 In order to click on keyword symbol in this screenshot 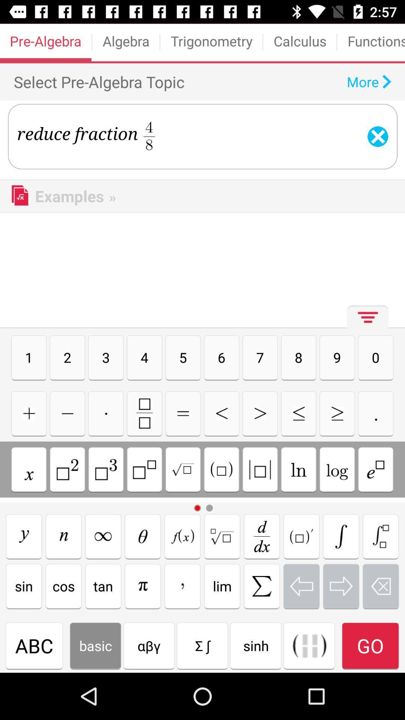, I will do `click(298, 413)`.